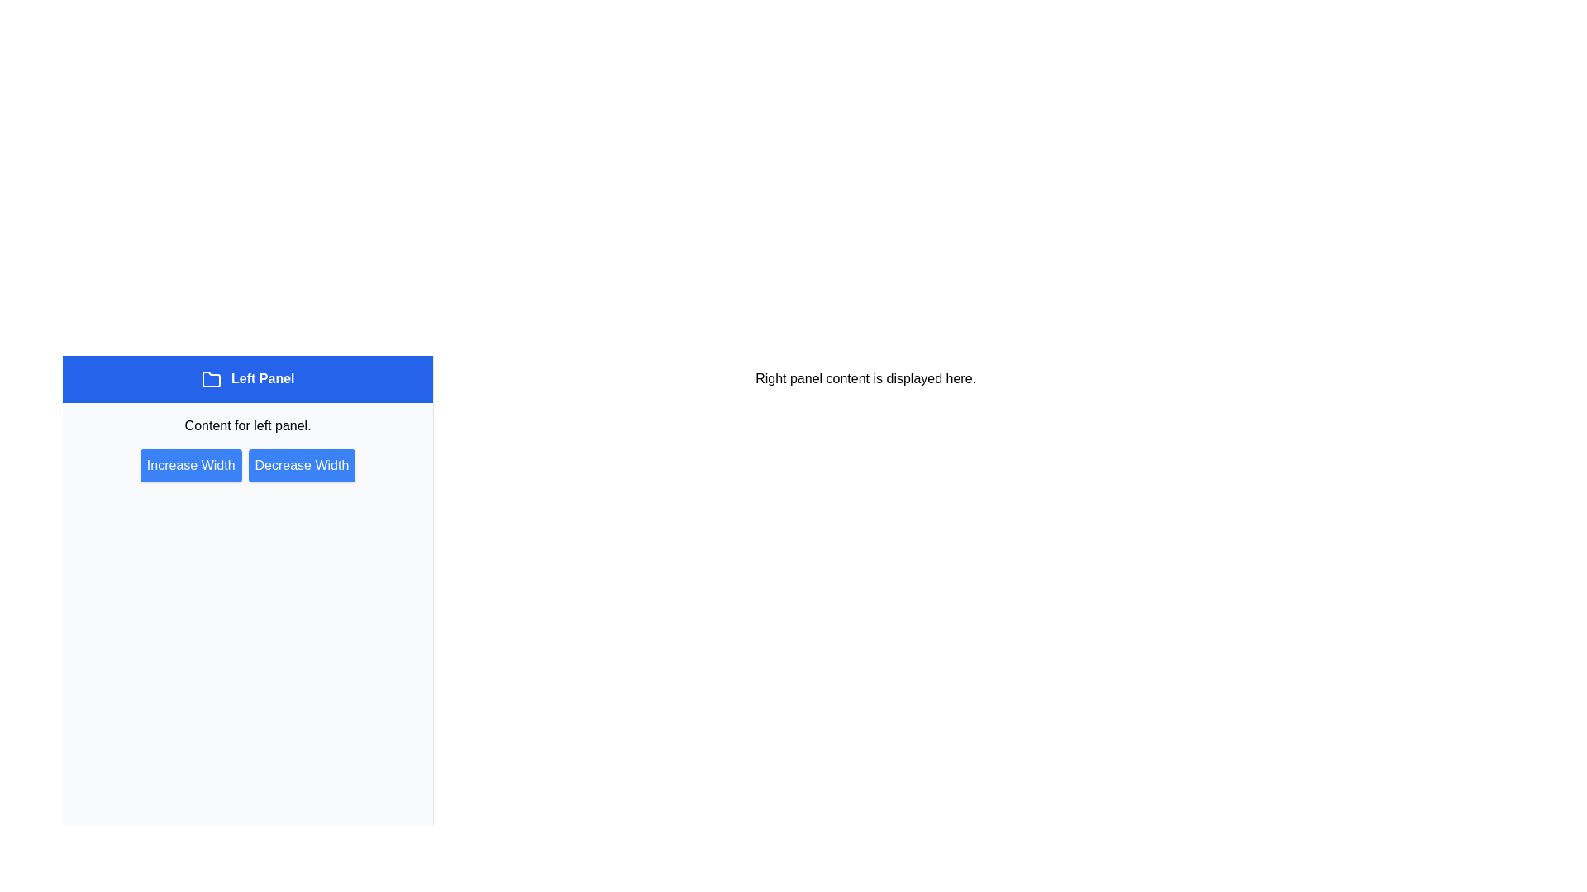 Image resolution: width=1587 pixels, height=892 pixels. I want to click on text content of the static text label displaying 'Content for left panel.', which is positioned beneath the blue title bar labeled 'Left Panel', so click(247, 425).